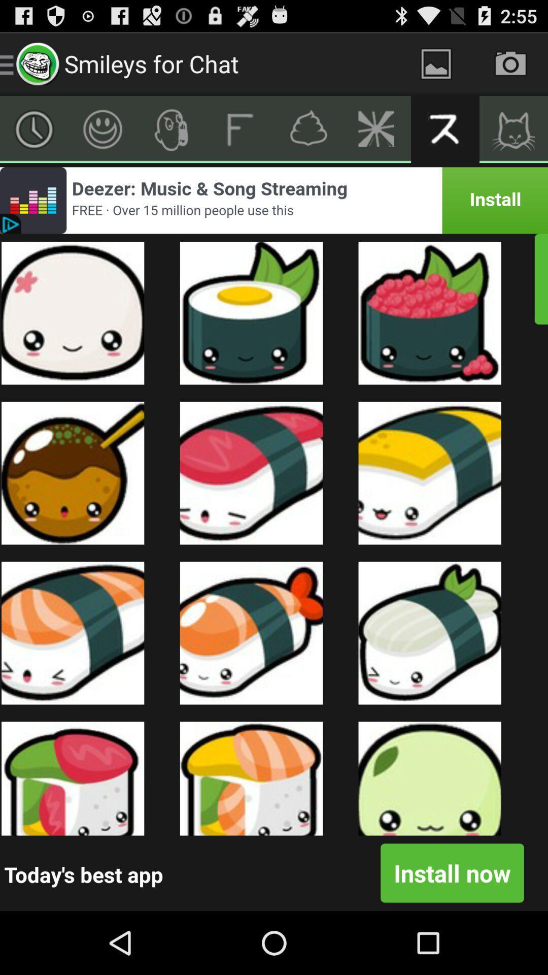  Describe the element at coordinates (72, 633) in the screenshot. I see `the first image in the third row` at that location.